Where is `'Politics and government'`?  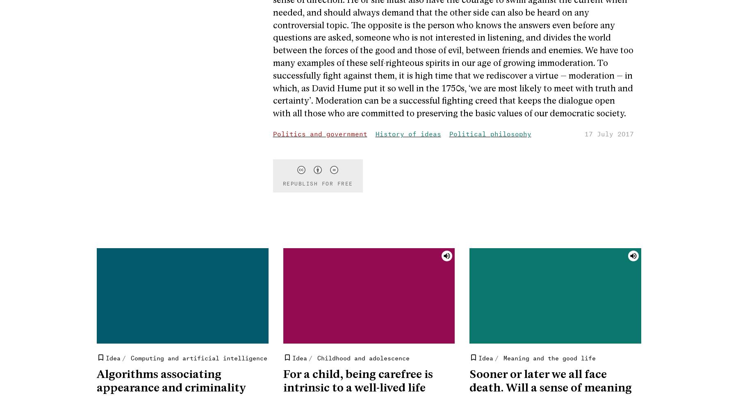
'Politics and government' is located at coordinates (319, 133).